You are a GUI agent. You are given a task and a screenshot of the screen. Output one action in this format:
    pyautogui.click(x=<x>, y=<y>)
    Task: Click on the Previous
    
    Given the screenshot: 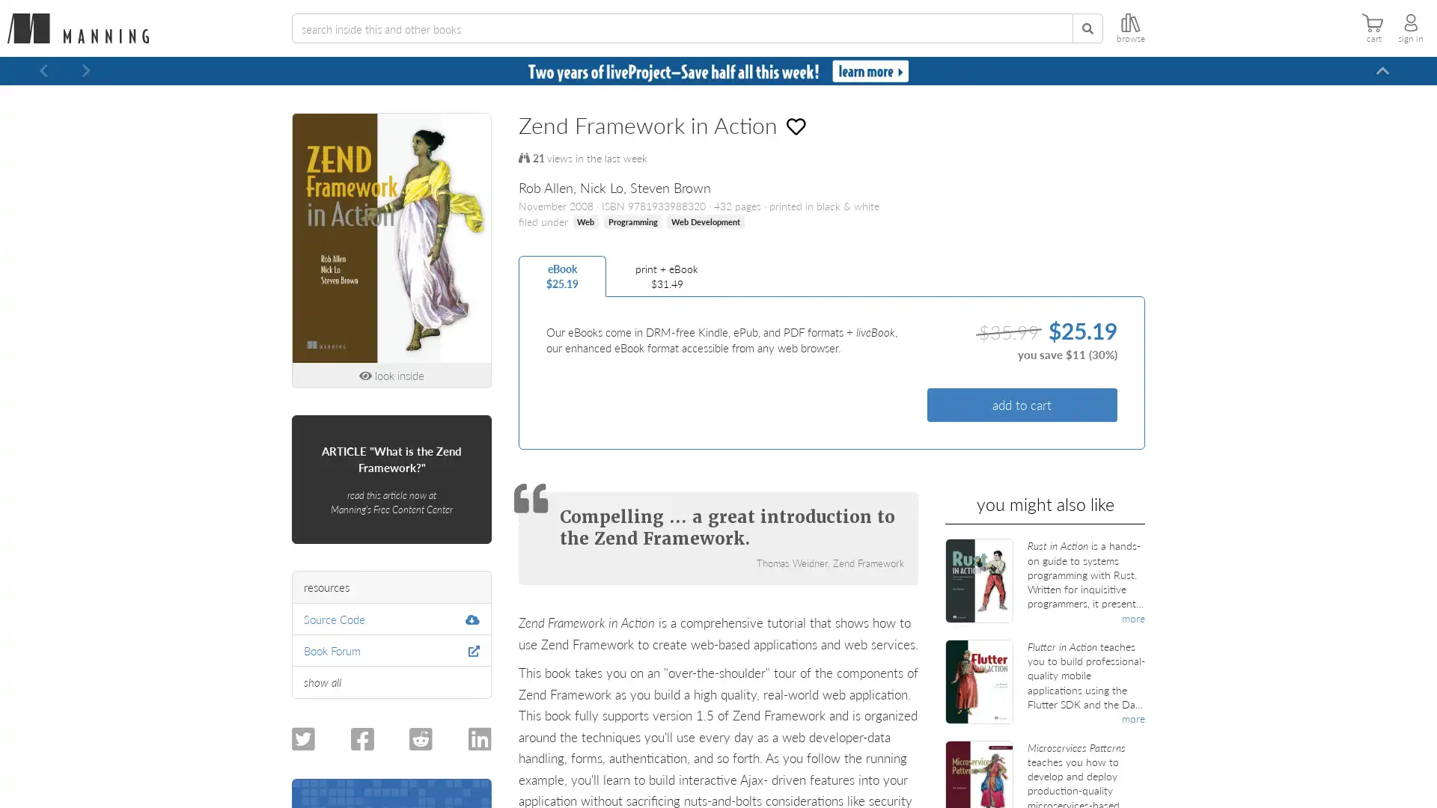 What is the action you would take?
    pyautogui.click(x=43, y=71)
    